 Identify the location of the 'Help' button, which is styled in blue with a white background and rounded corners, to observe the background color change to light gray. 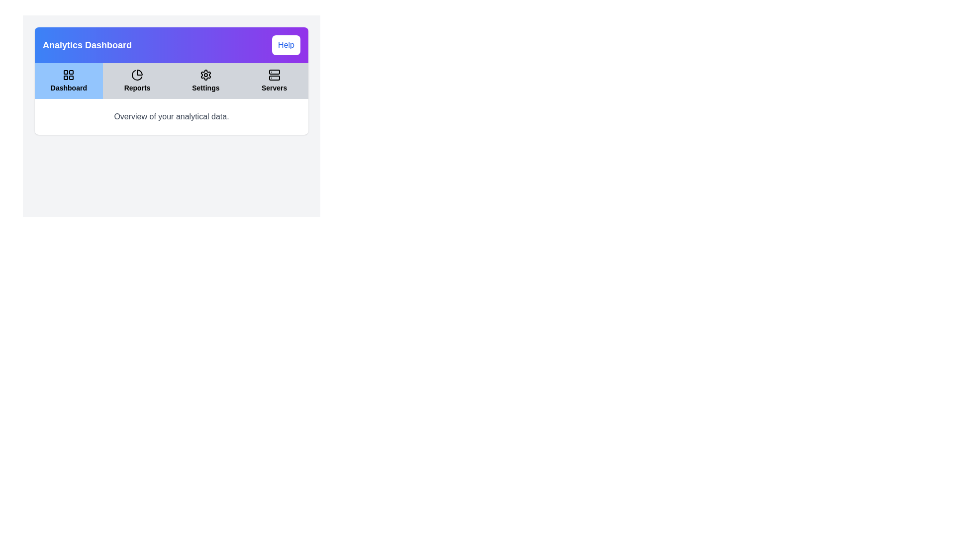
(286, 45).